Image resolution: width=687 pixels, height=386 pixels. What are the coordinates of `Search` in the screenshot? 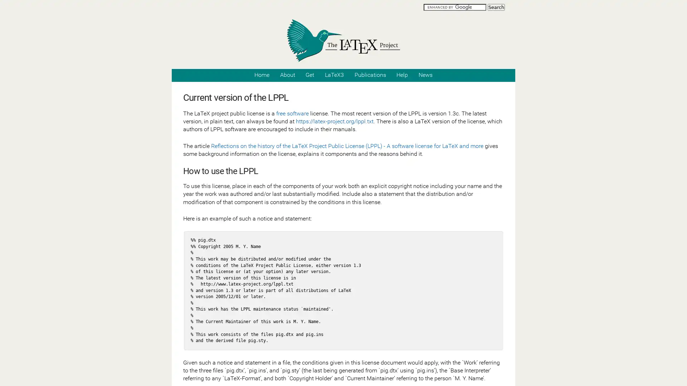 It's located at (496, 7).